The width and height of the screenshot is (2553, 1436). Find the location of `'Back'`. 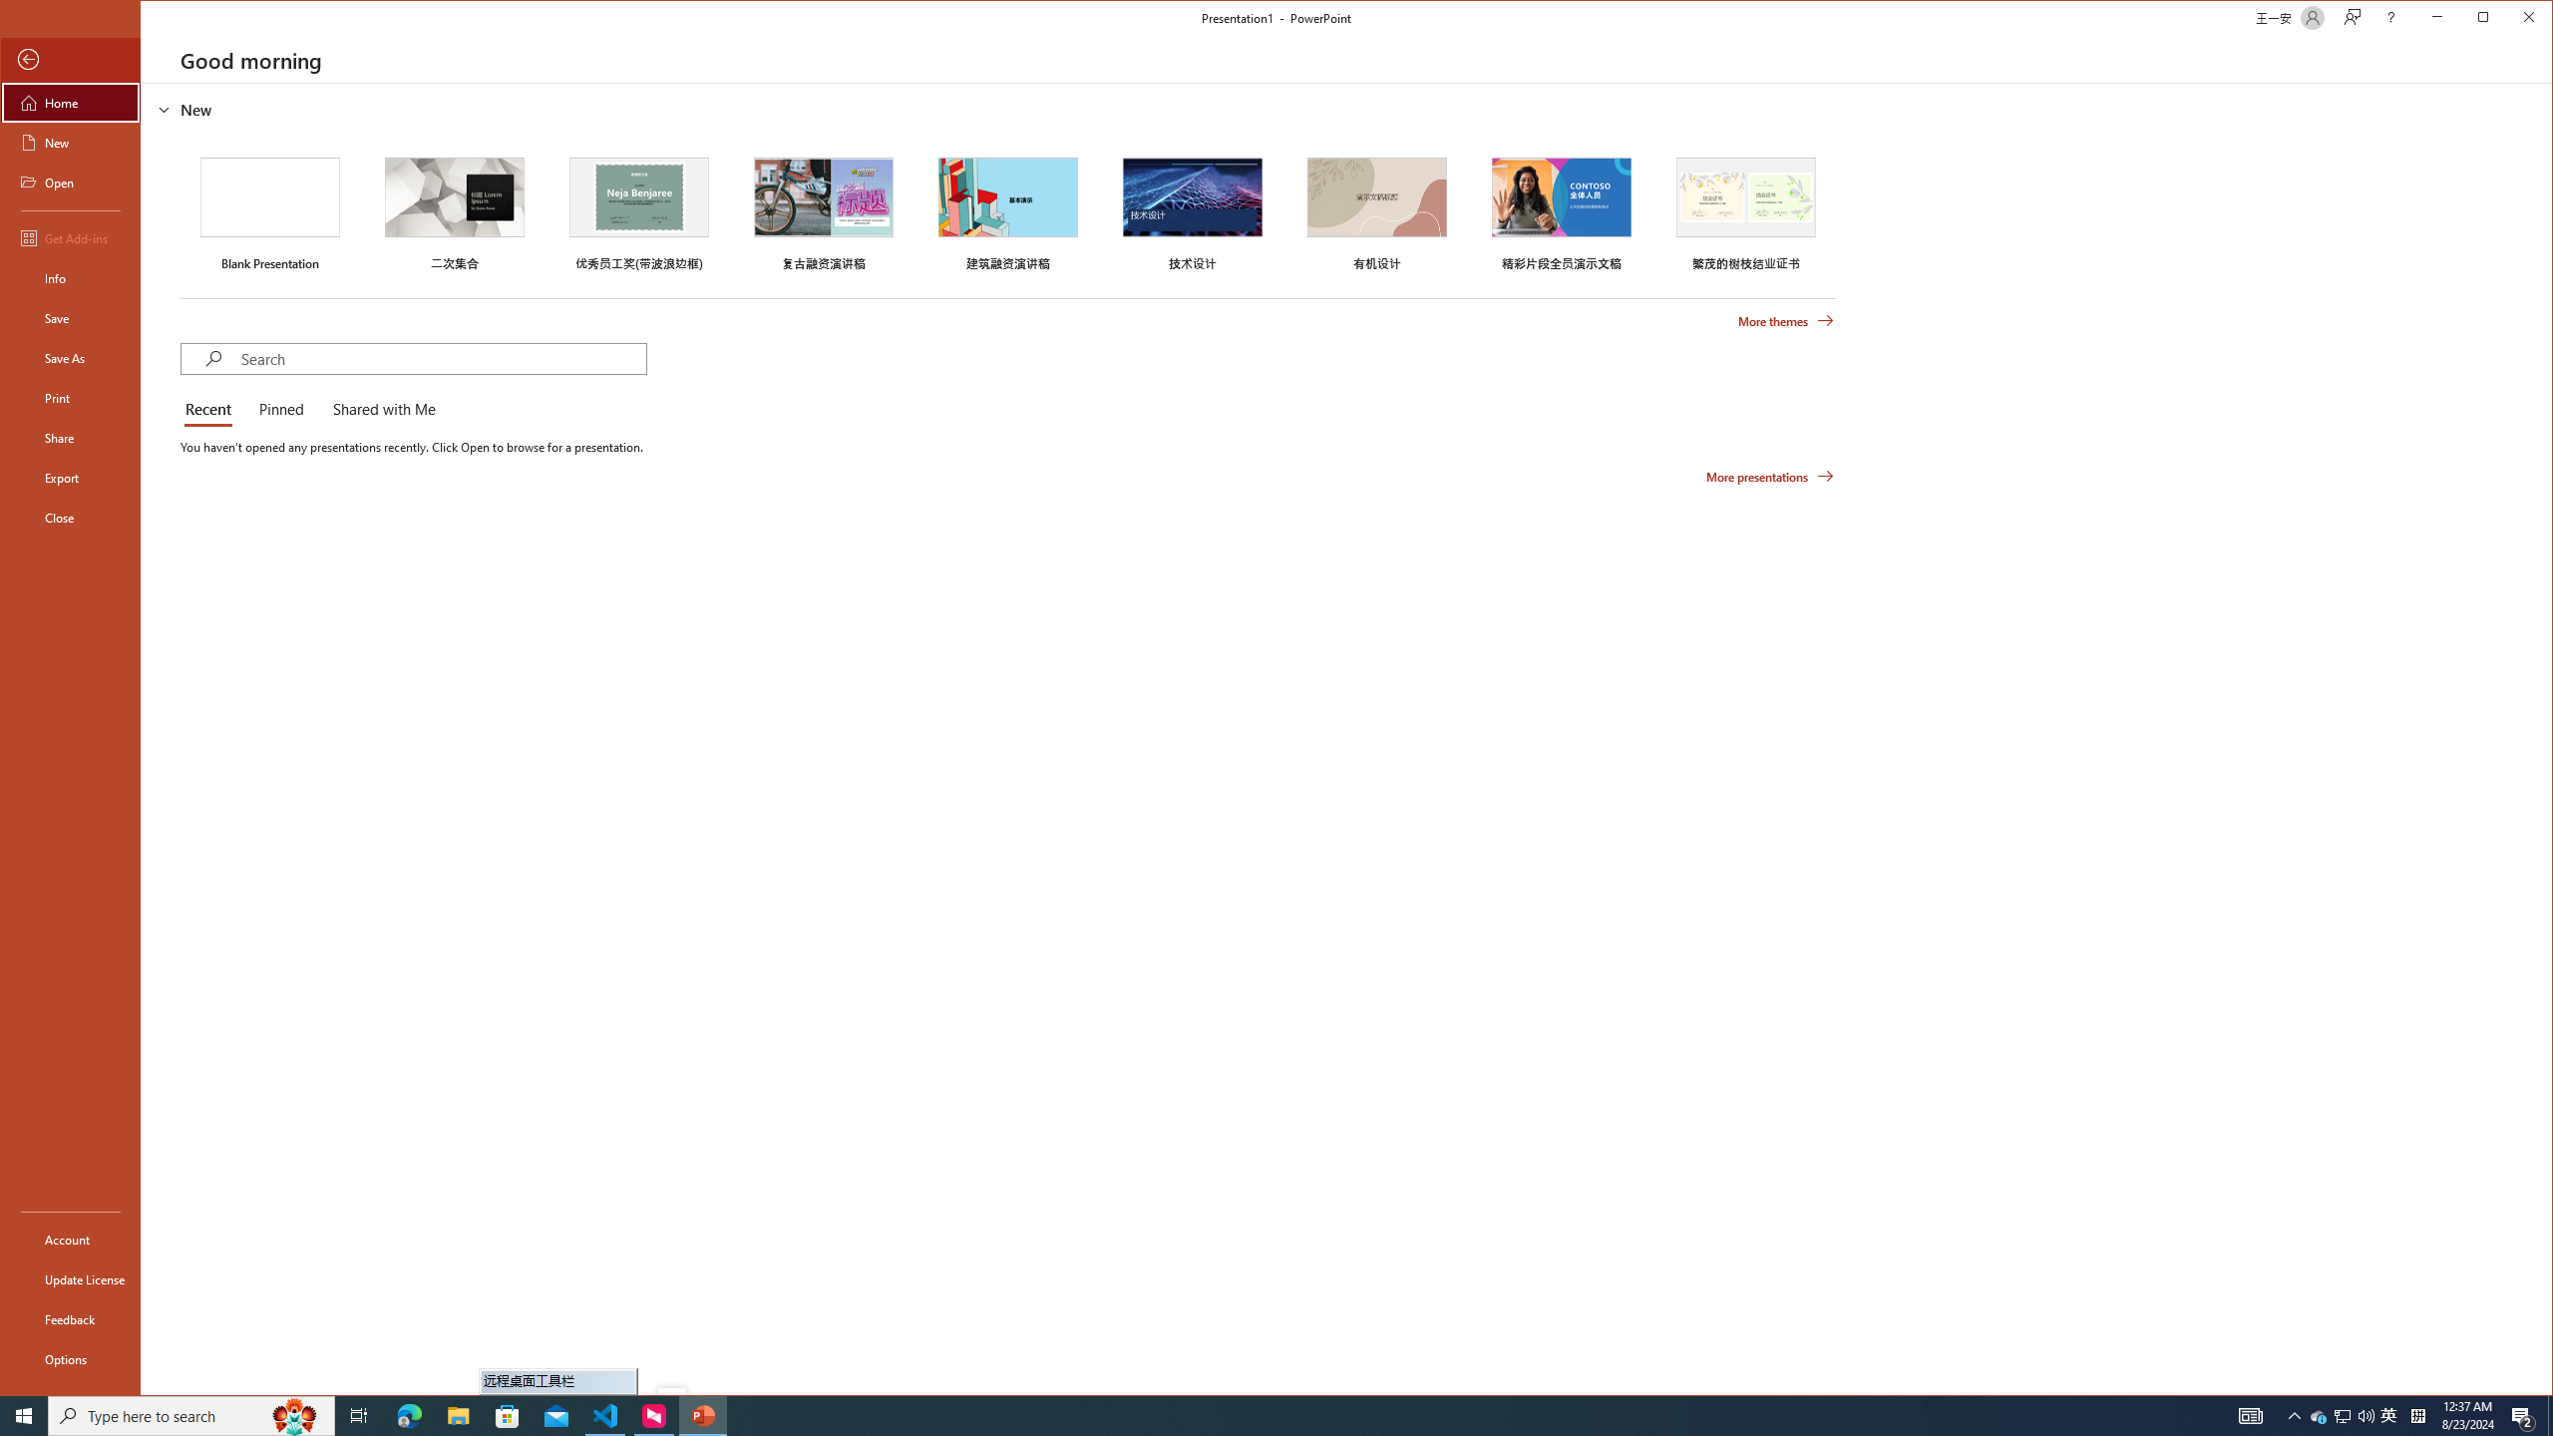

'Back' is located at coordinates (69, 60).